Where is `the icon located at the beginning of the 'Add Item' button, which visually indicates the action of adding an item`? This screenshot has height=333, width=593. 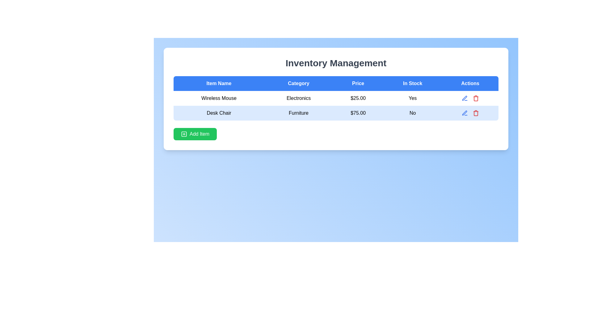 the icon located at the beginning of the 'Add Item' button, which visually indicates the action of adding an item is located at coordinates (183, 134).